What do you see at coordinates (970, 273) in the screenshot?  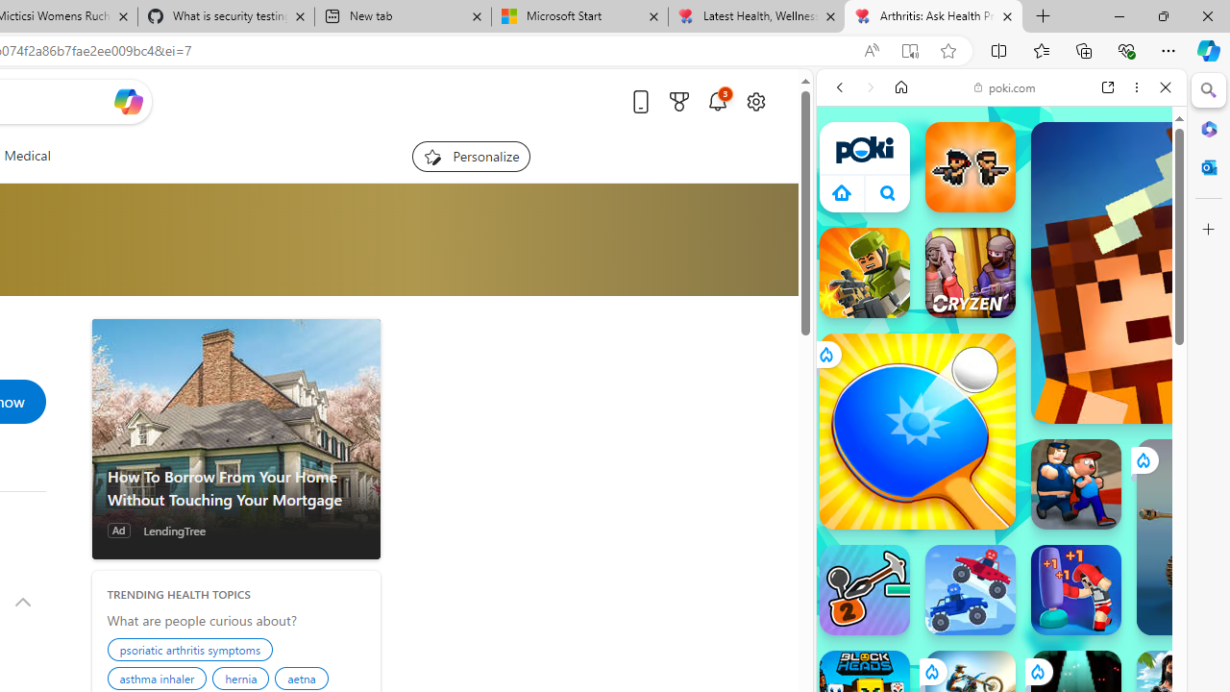 I see `'Cryzen.io'` at bounding box center [970, 273].